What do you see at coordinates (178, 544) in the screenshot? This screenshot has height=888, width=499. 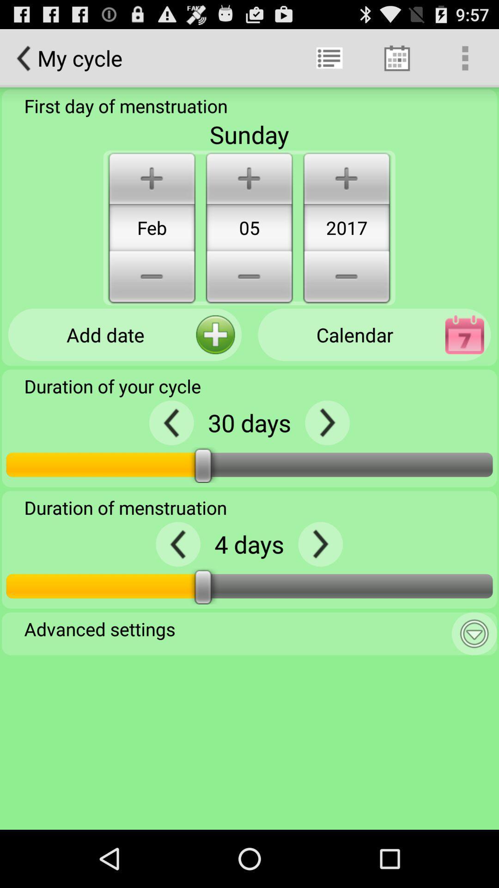 I see `the backward arrow button on the left to the option 4 days on the web page` at bounding box center [178, 544].